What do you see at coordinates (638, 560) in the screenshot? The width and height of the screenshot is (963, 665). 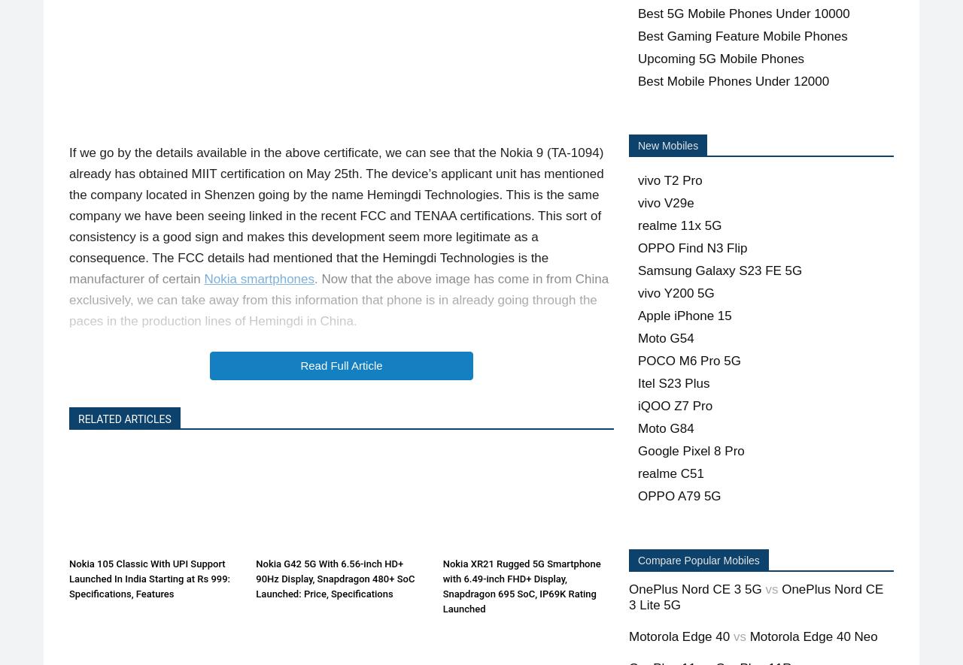 I see `'Compare Popular Mobiles'` at bounding box center [638, 560].